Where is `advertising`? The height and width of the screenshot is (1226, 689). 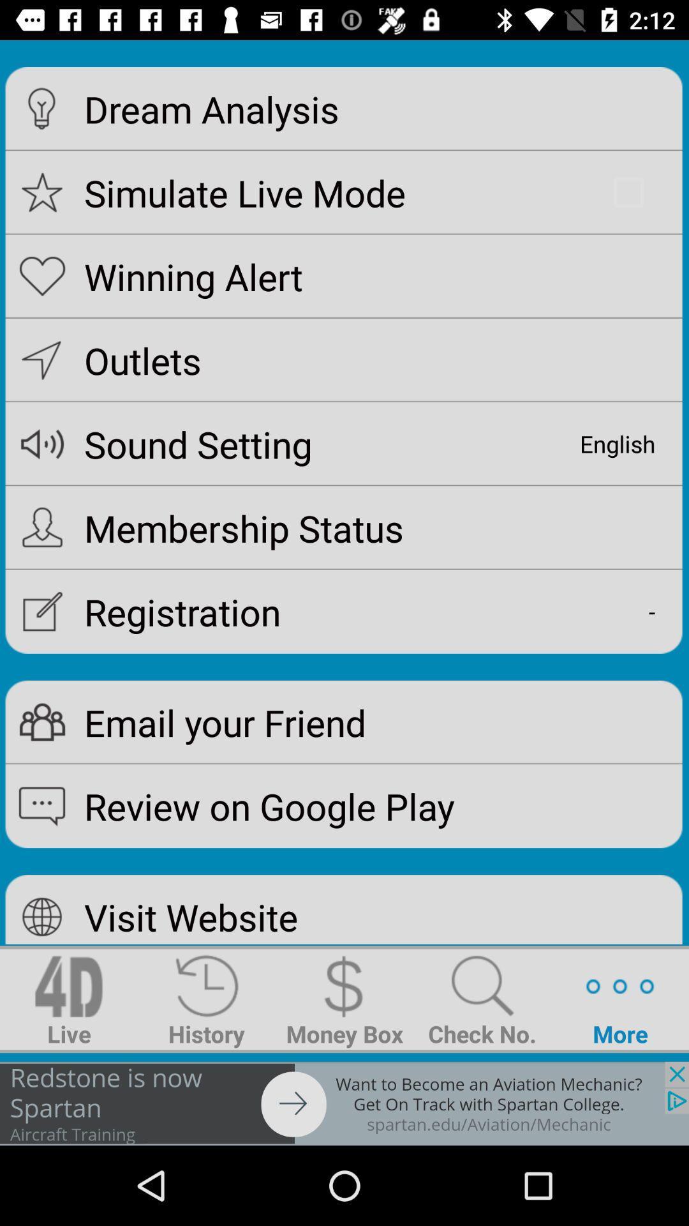
advertising is located at coordinates (344, 1103).